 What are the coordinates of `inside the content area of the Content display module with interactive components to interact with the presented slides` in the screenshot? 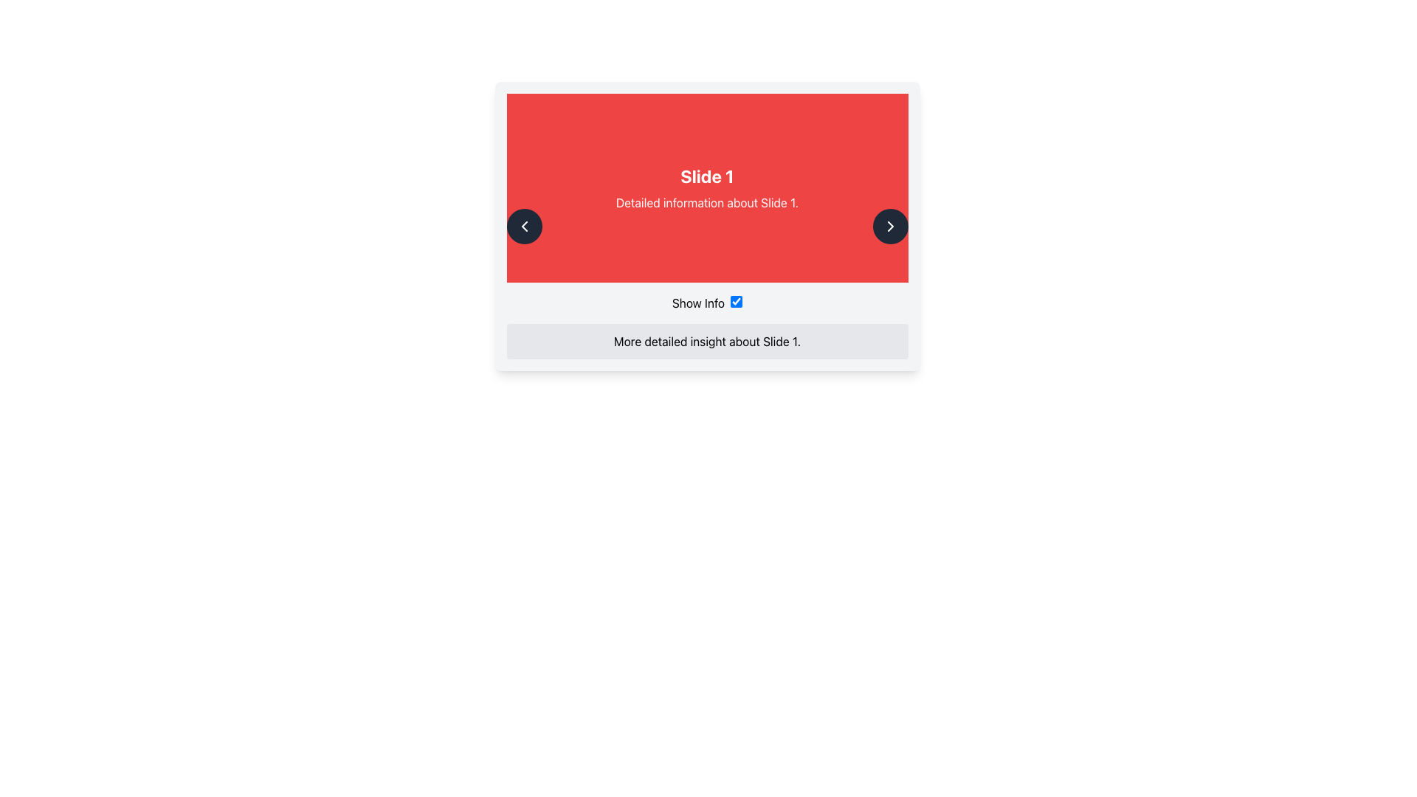 It's located at (706, 227).